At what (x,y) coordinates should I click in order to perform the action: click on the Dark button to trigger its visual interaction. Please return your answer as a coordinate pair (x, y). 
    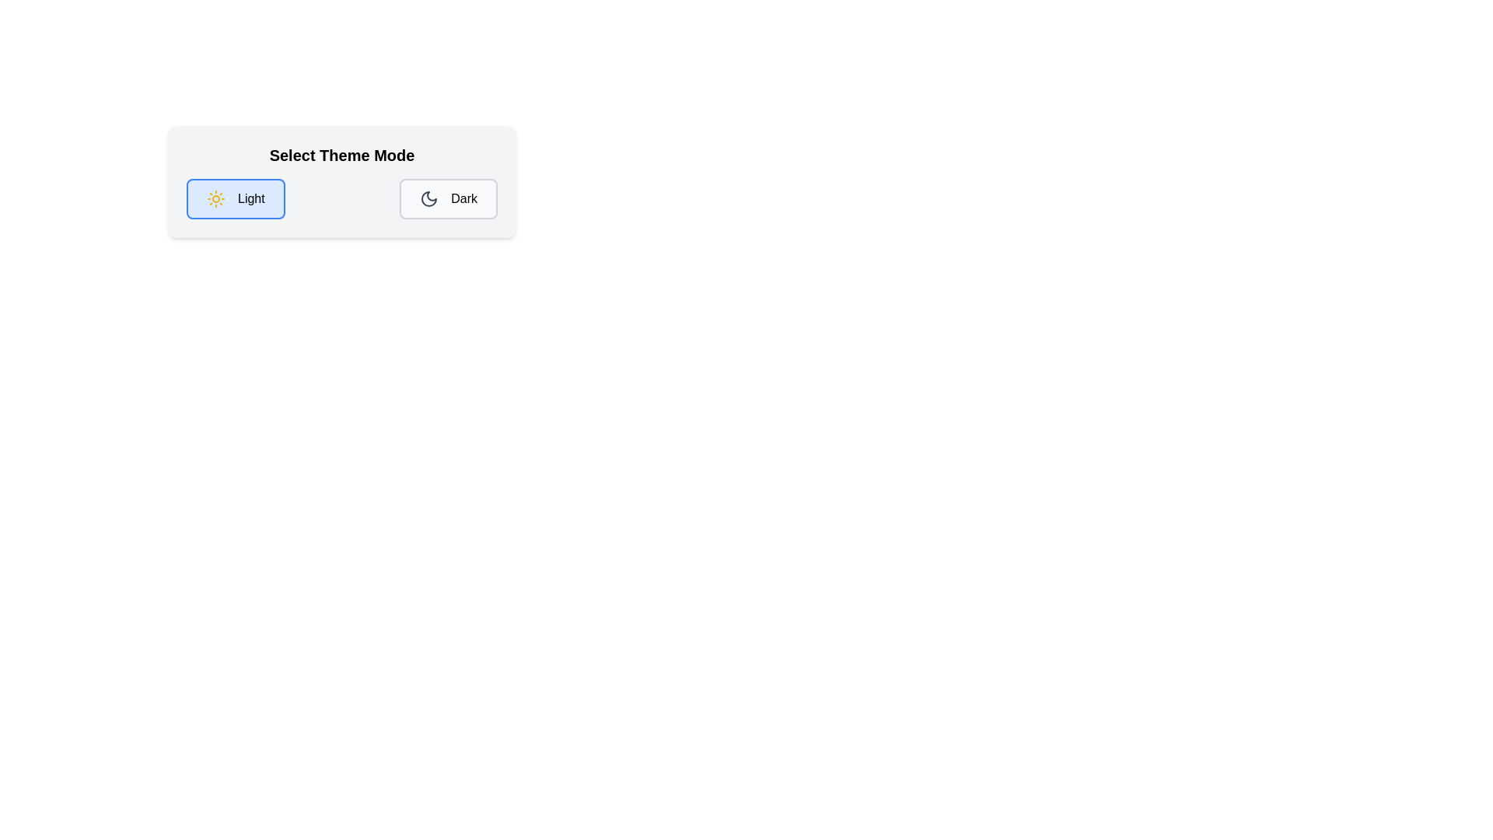
    Looking at the image, I should click on (447, 198).